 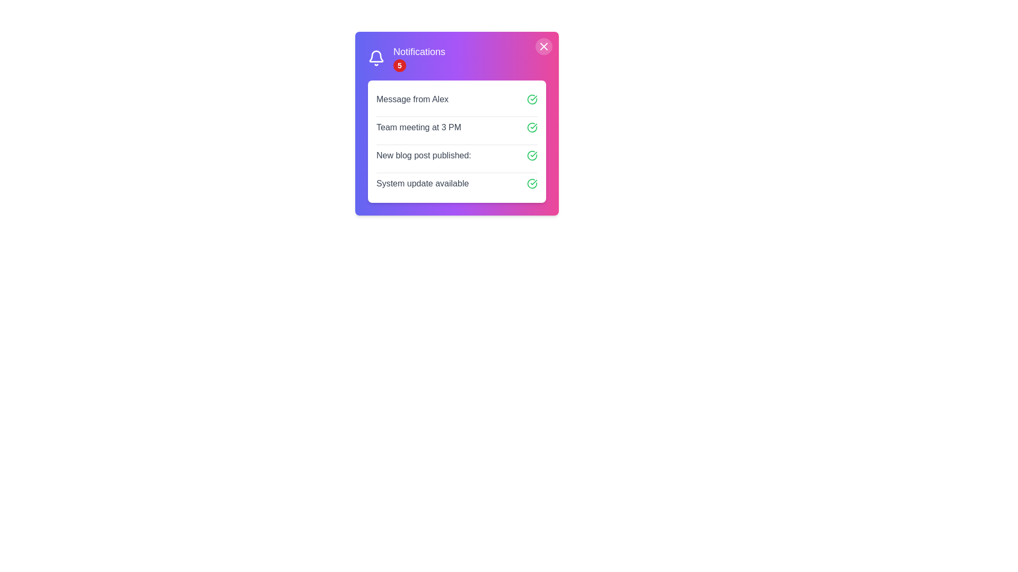 What do you see at coordinates (544, 46) in the screenshot?
I see `the close button located in the top-right corner of the notification panel` at bounding box center [544, 46].